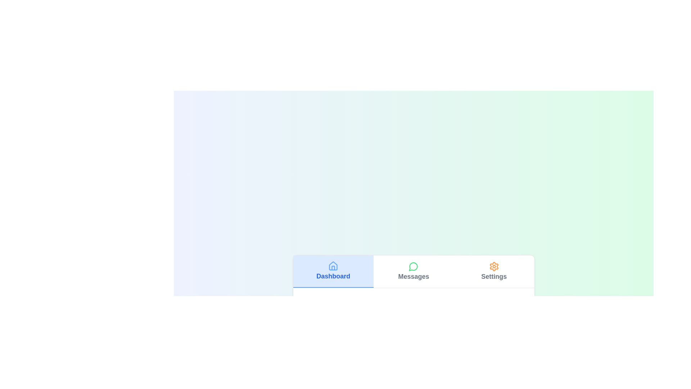 This screenshot has width=691, height=389. I want to click on the tab labeled Dashboard to view its content, so click(333, 271).